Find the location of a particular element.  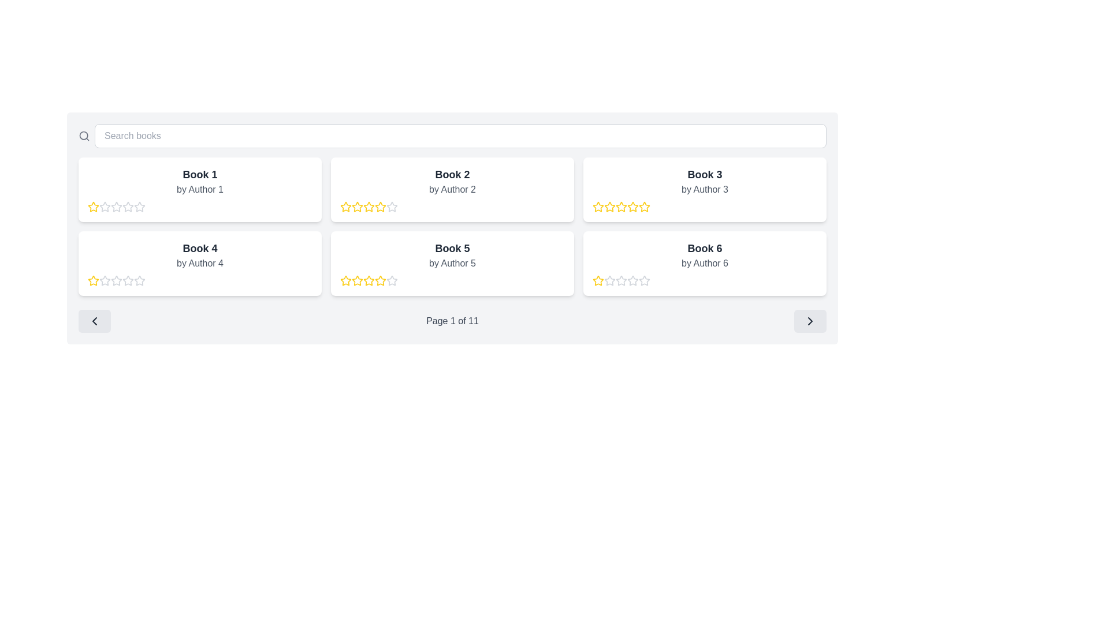

the rating display for 'Book 1' by 'Author 1', which consists of five stars with the first star filled in yellow and the rest outlined in gray, located directly beneath the author line is located at coordinates (200, 206).